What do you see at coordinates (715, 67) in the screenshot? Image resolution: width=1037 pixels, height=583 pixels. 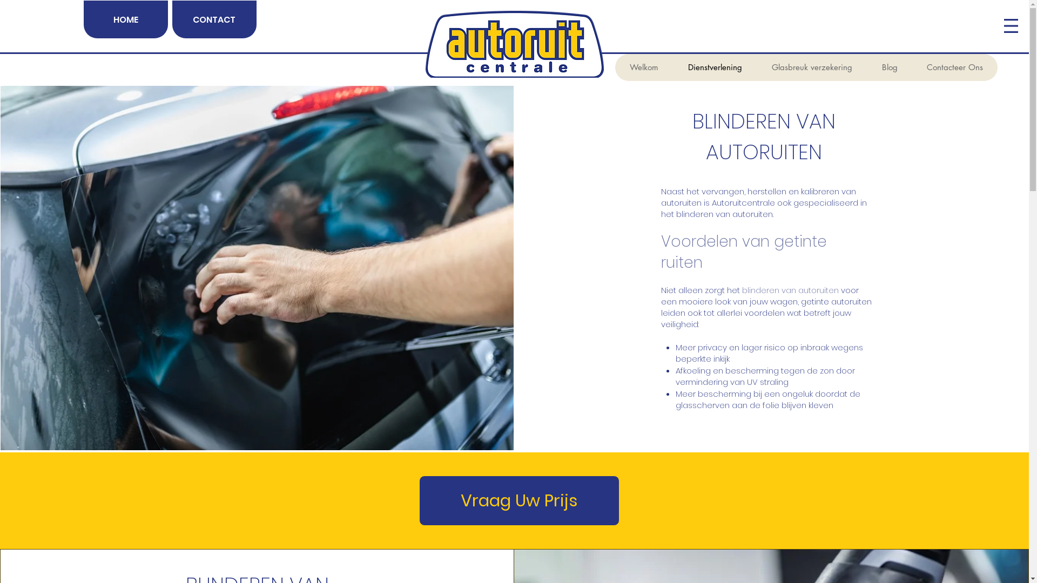 I see `'Dienstverlening'` at bounding box center [715, 67].